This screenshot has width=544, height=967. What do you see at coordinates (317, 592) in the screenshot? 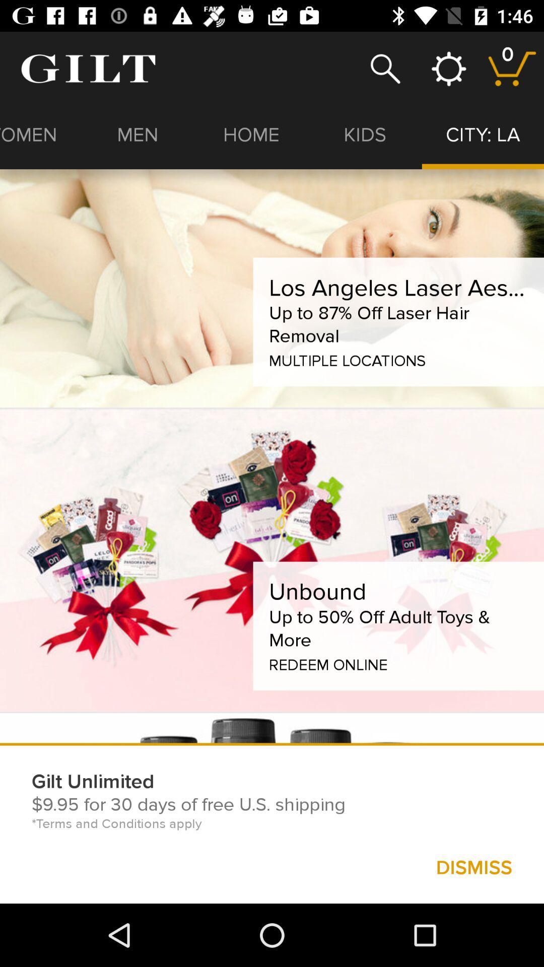
I see `the unbound item` at bounding box center [317, 592].